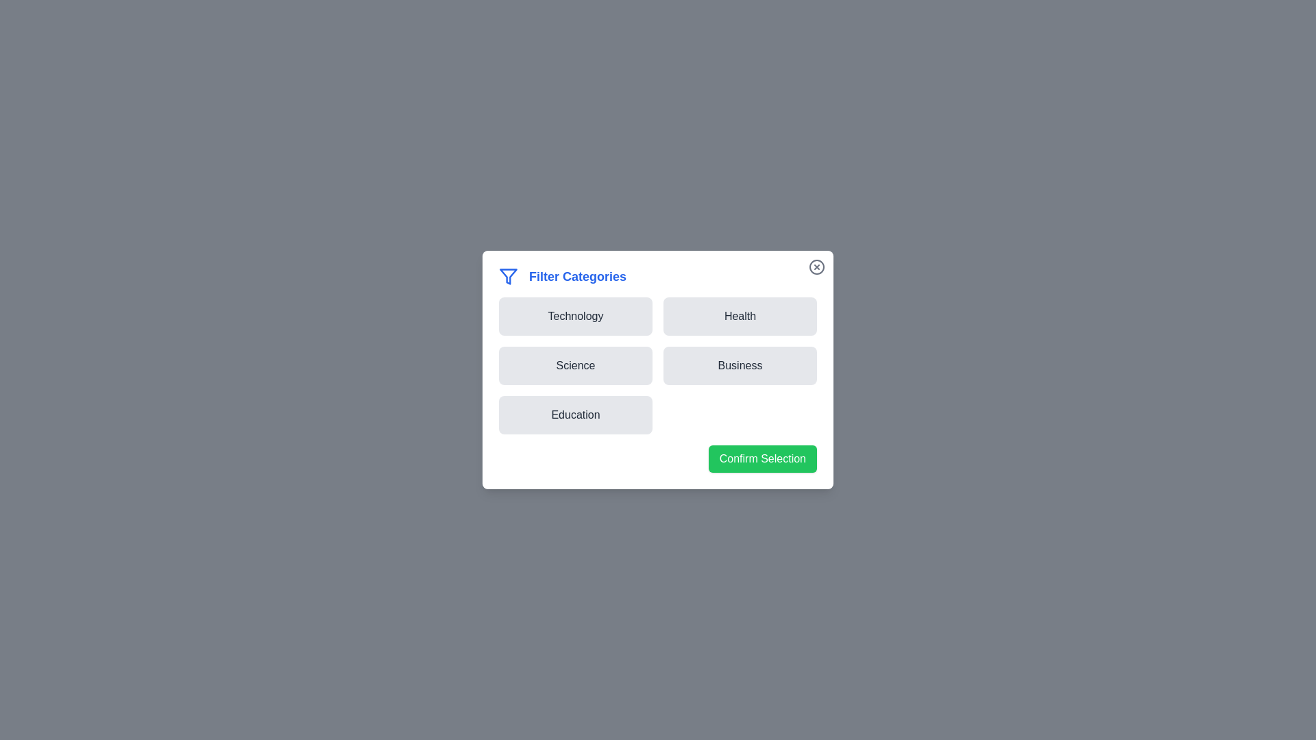 This screenshot has width=1316, height=740. Describe the element at coordinates (740, 365) in the screenshot. I see `the Business button to observe its hover effect` at that location.